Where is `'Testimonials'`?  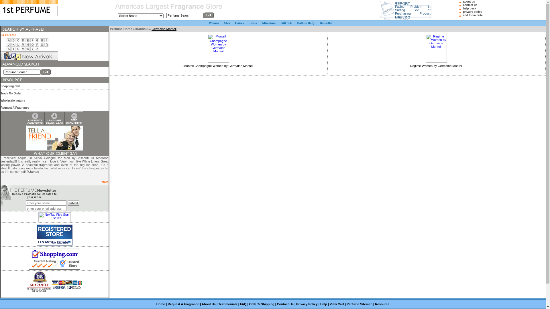 'Testimonials' is located at coordinates (218, 304).